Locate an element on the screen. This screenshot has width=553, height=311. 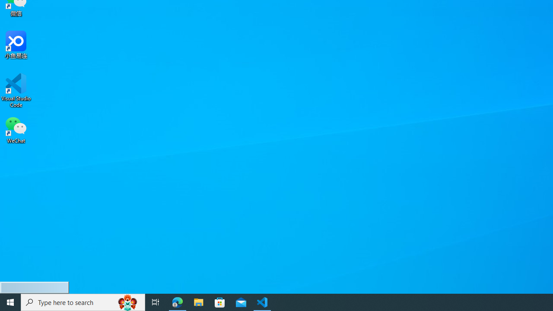
'Microsoft Edge - 1 running window' is located at coordinates (177, 301).